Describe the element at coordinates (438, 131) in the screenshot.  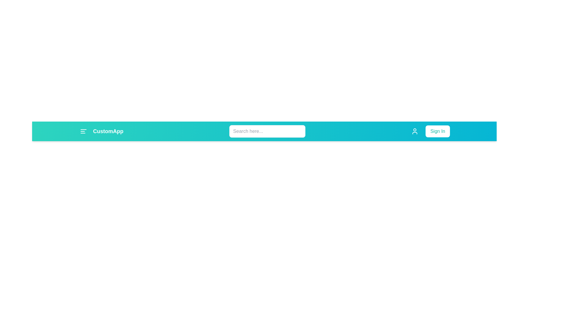
I see `the button at sign_in_button to observe its hover effect` at that location.